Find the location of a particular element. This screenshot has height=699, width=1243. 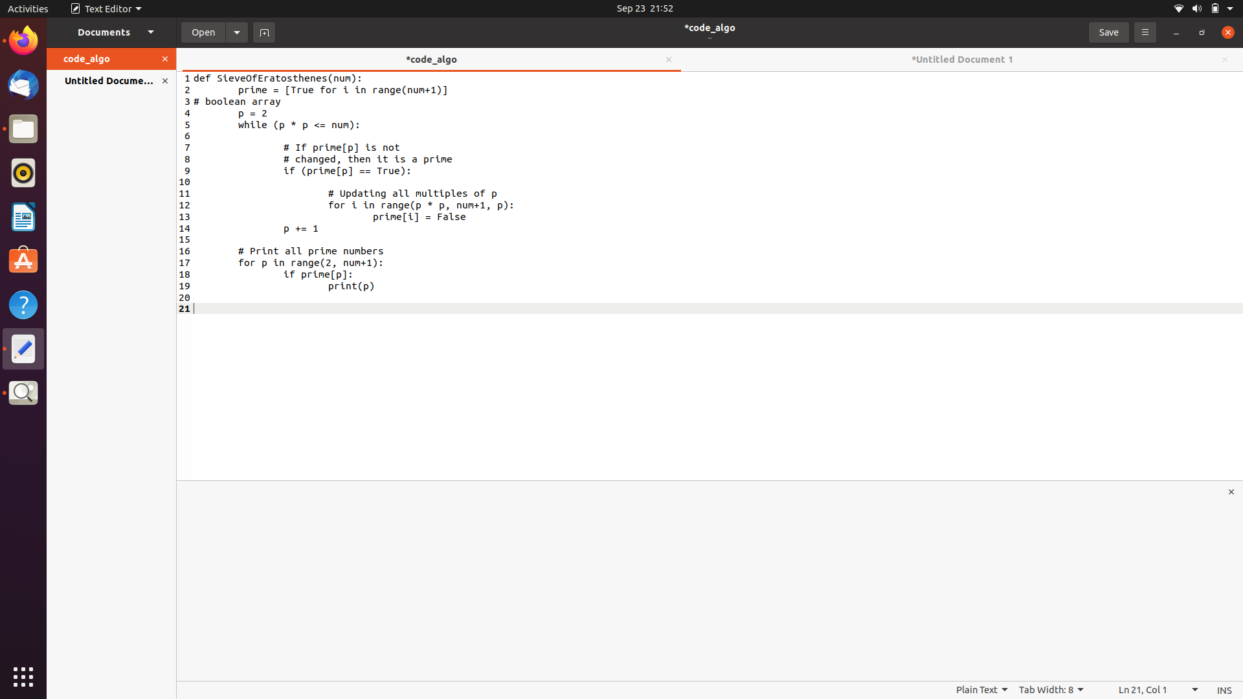

Shut down the code_algo file in the orange interface is located at coordinates (166, 60).